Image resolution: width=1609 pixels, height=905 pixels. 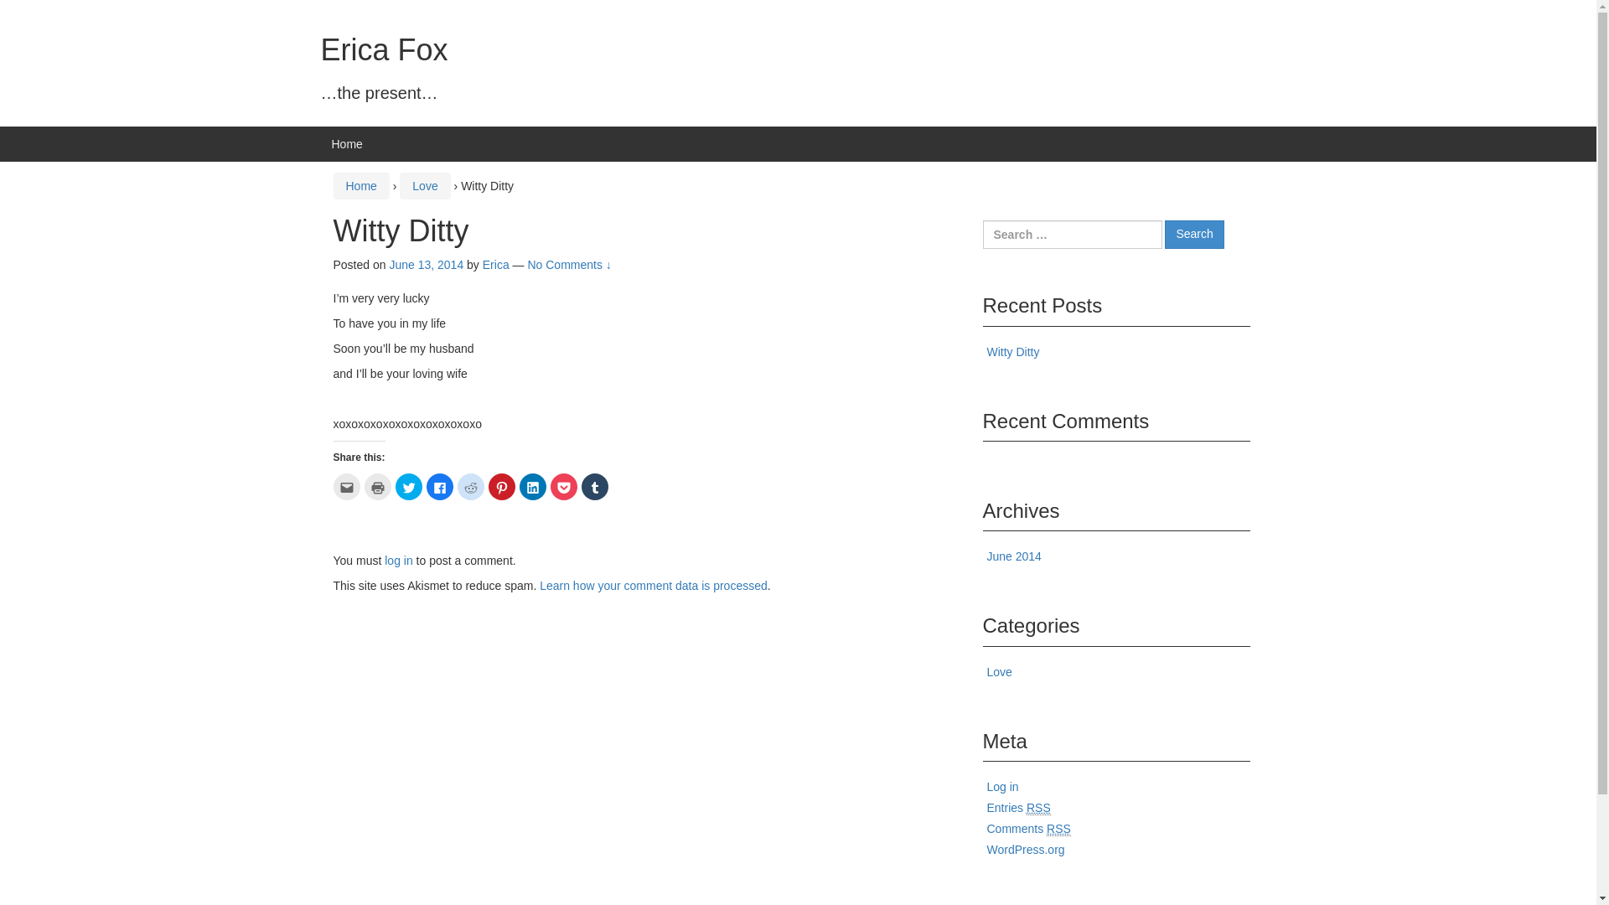 What do you see at coordinates (397, 560) in the screenshot?
I see `'log in'` at bounding box center [397, 560].